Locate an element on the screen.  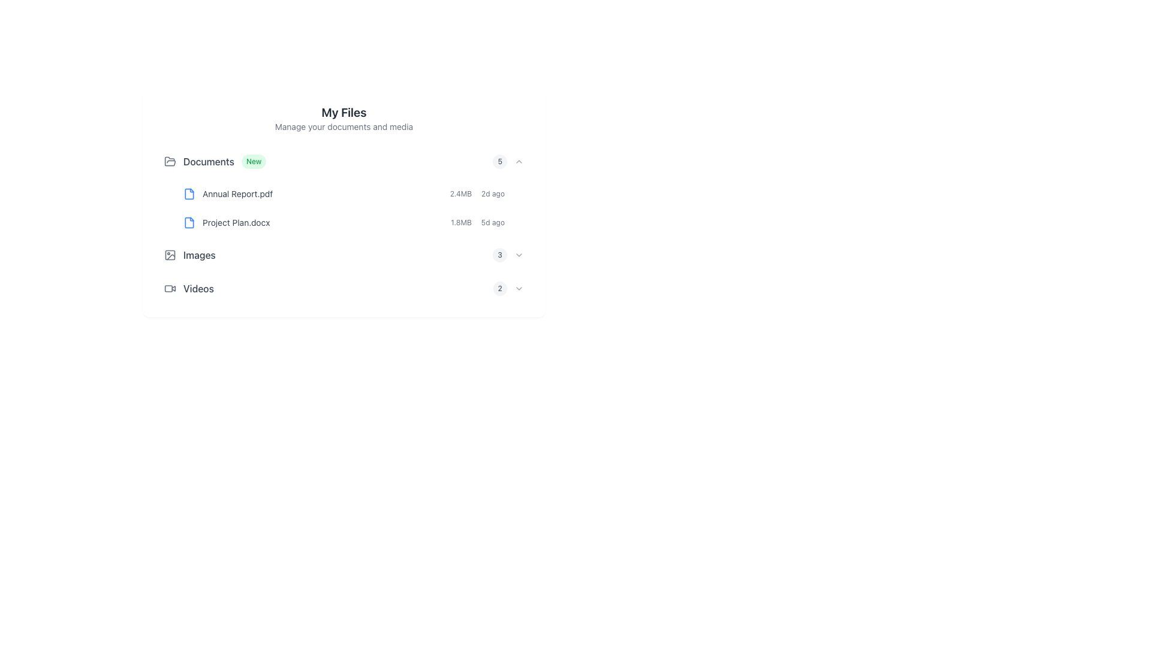
the value displayed in the Badge or count indicator showing the number '3' next to the Documents item in the file listing interface is located at coordinates (500, 254).